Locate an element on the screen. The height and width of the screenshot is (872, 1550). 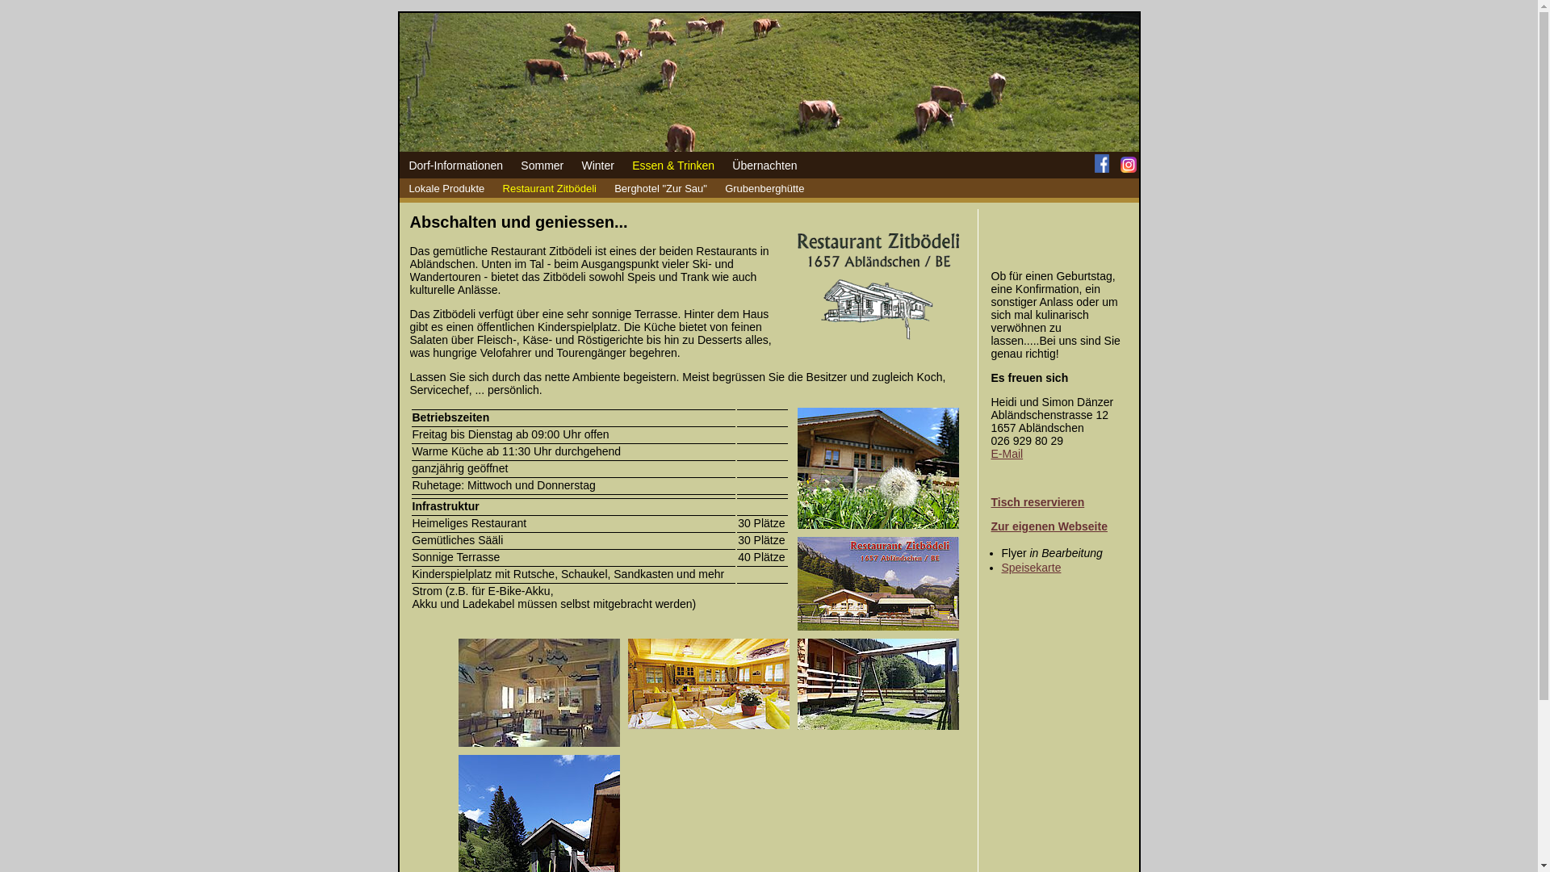
'E-Mail' is located at coordinates (991, 454).